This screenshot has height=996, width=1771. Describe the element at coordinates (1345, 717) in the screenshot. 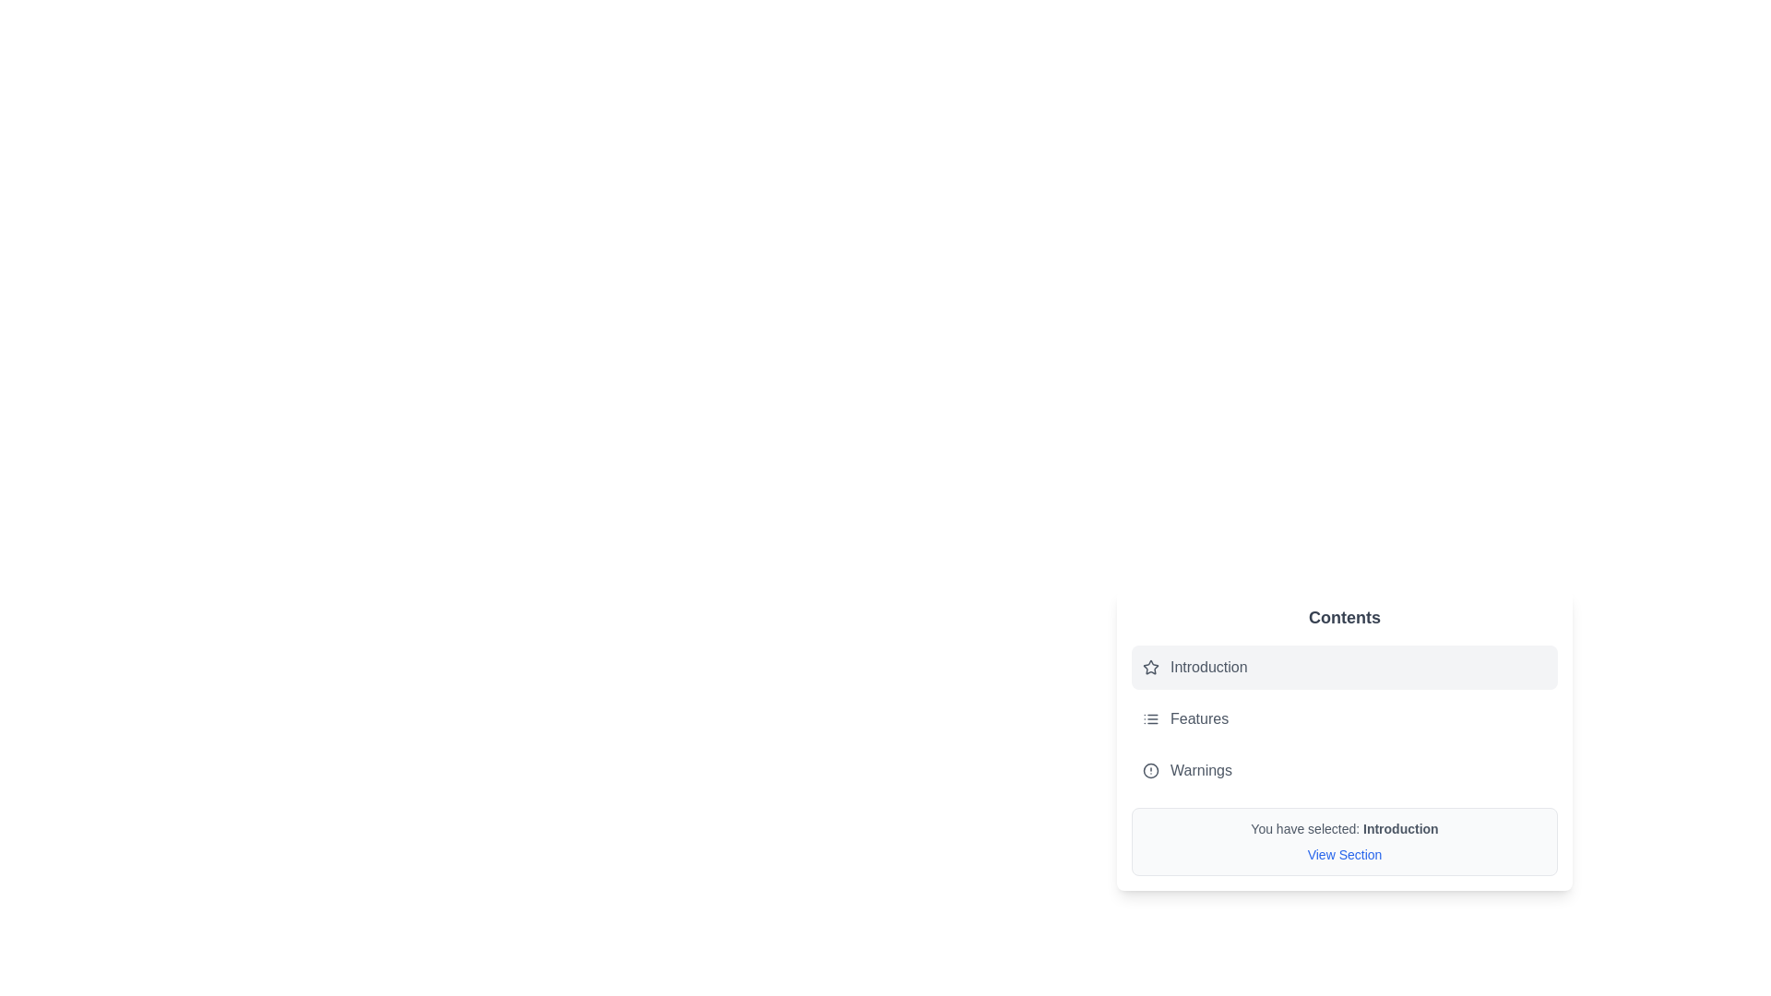

I see `the highlighted 'Features' list item in the vertical navigation list using keyboard navigation` at that location.